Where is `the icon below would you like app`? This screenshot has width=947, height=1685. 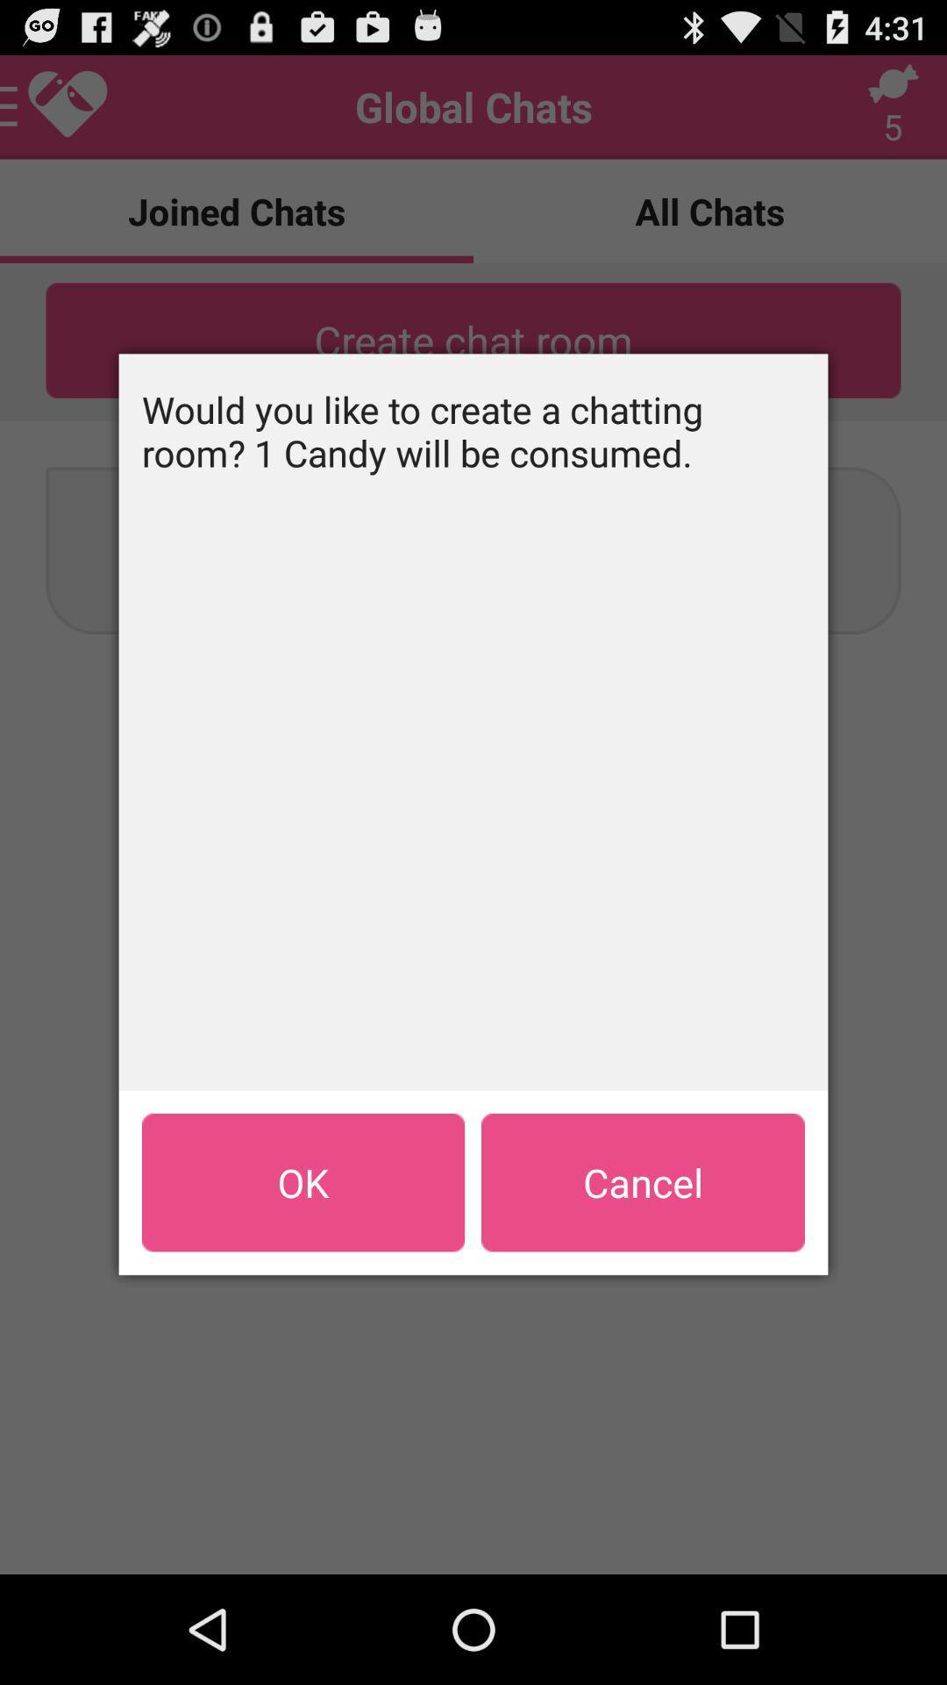
the icon below would you like app is located at coordinates (303, 1182).